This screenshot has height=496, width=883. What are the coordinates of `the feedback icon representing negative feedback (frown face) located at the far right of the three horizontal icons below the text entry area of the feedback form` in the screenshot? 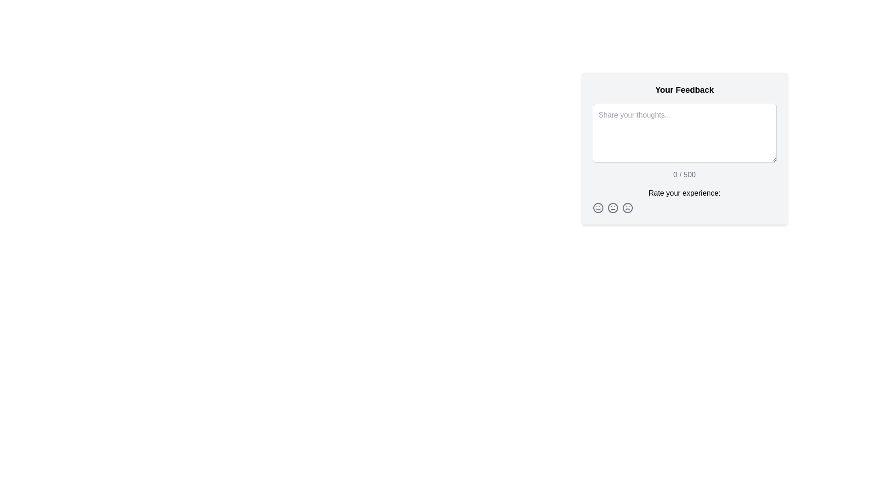 It's located at (627, 208).